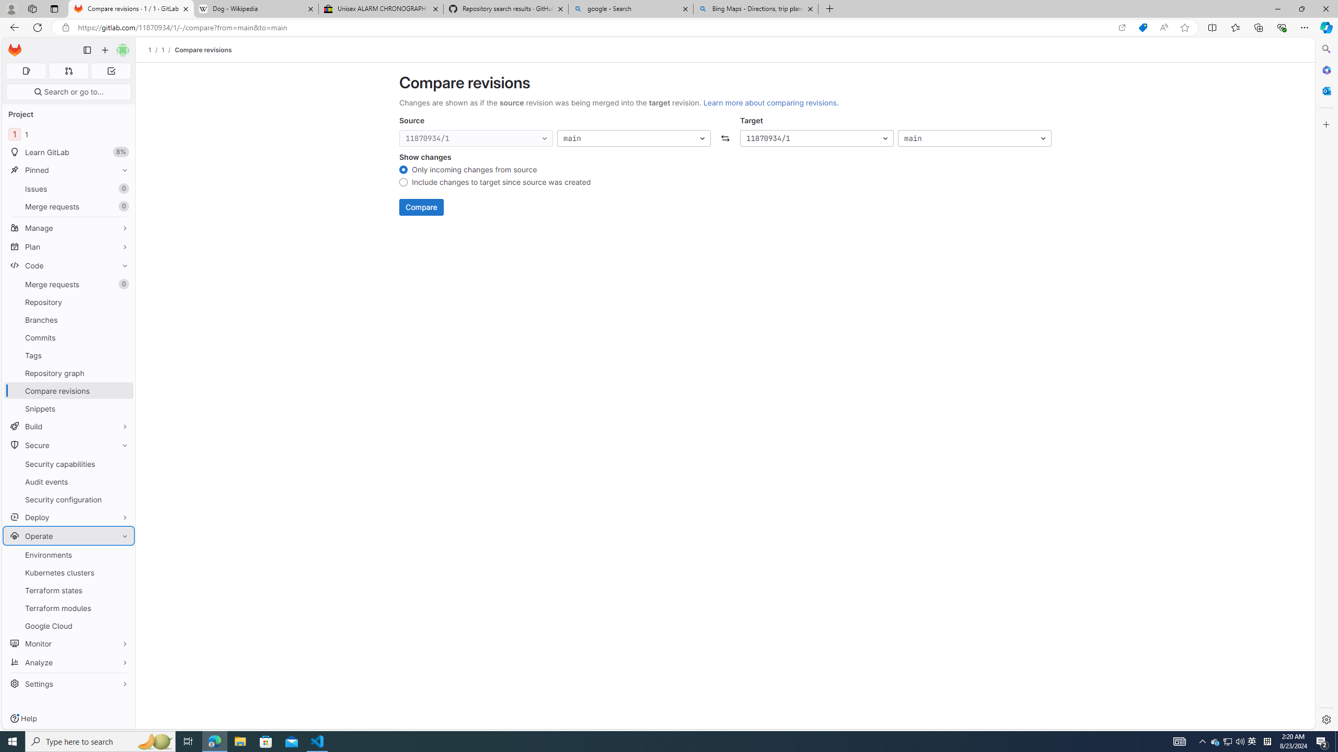 This screenshot has height=752, width=1338. Describe the element at coordinates (122, 390) in the screenshot. I see `'Pin Compare revisions'` at that location.